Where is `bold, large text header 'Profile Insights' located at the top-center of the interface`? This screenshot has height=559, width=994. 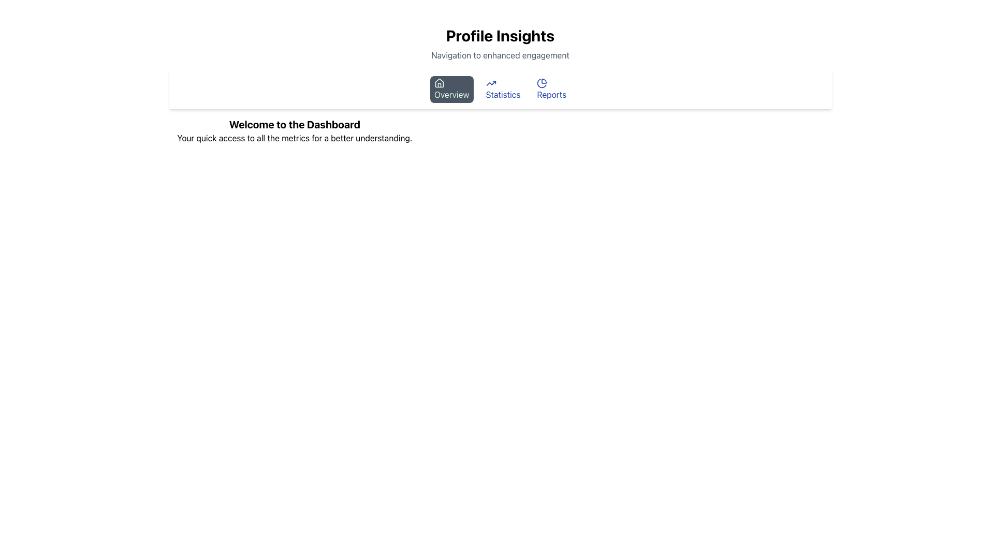
bold, large text header 'Profile Insights' located at the top-center of the interface is located at coordinates (500, 35).